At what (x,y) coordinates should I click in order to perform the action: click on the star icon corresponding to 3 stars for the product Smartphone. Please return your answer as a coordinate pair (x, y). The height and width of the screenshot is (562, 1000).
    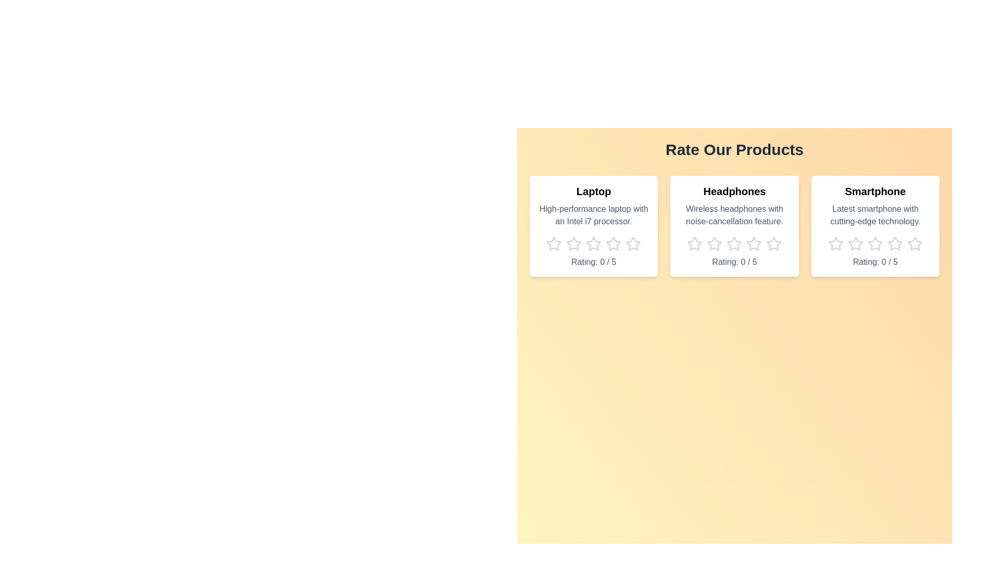
    Looking at the image, I should click on (875, 244).